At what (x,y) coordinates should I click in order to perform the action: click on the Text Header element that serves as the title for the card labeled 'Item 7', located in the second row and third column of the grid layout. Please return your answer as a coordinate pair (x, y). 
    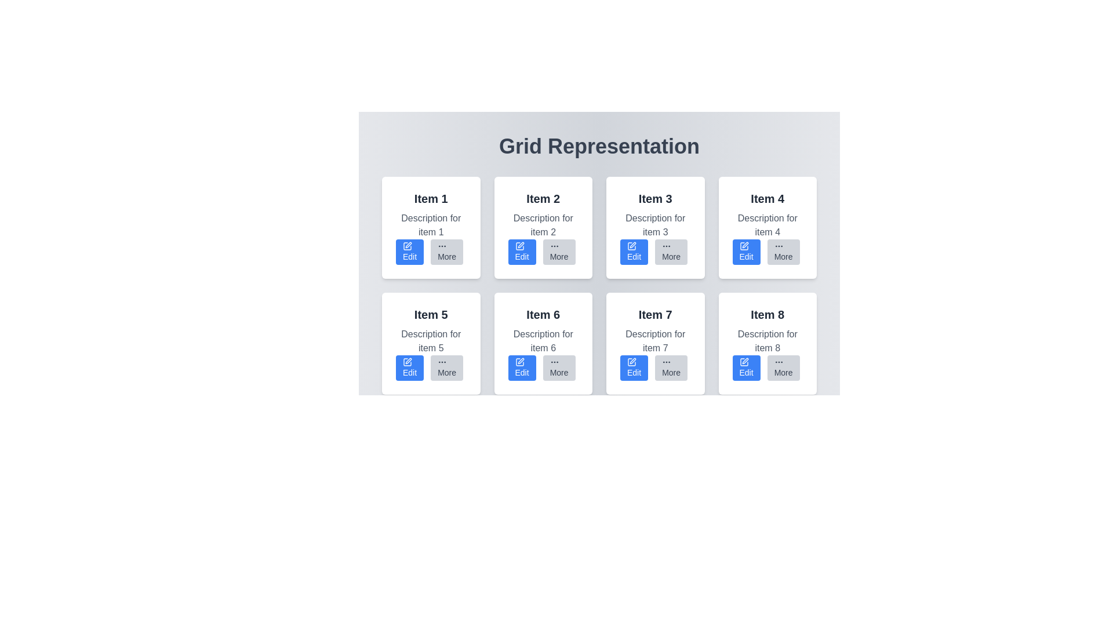
    Looking at the image, I should click on (655, 315).